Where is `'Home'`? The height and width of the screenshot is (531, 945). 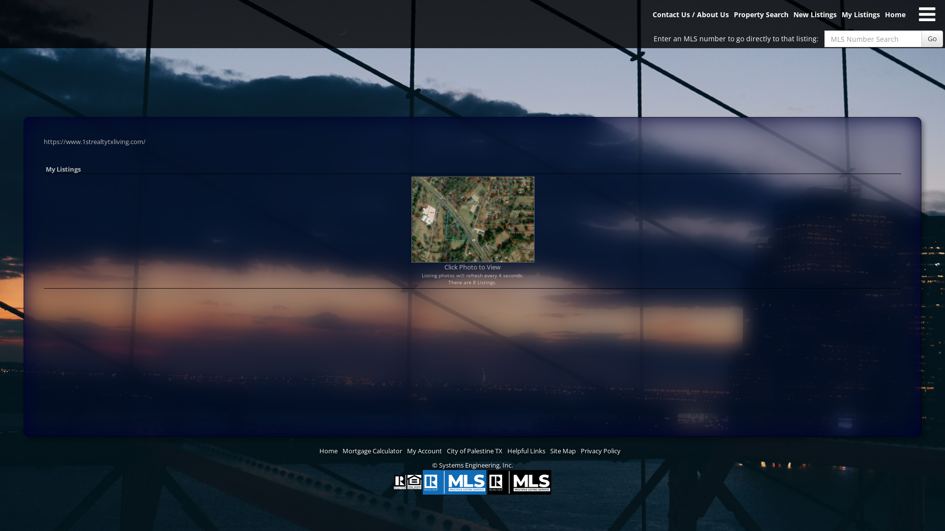
'Home' is located at coordinates (328, 451).